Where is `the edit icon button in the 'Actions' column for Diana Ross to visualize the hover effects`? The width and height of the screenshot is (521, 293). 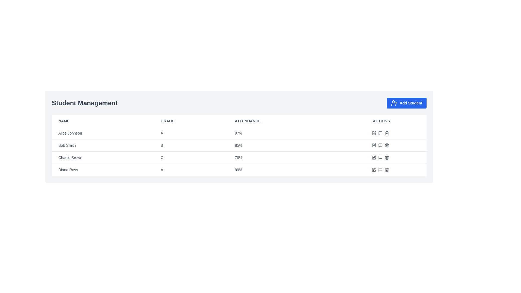 the edit icon button in the 'Actions' column for Diana Ross to visualize the hover effects is located at coordinates (373, 169).